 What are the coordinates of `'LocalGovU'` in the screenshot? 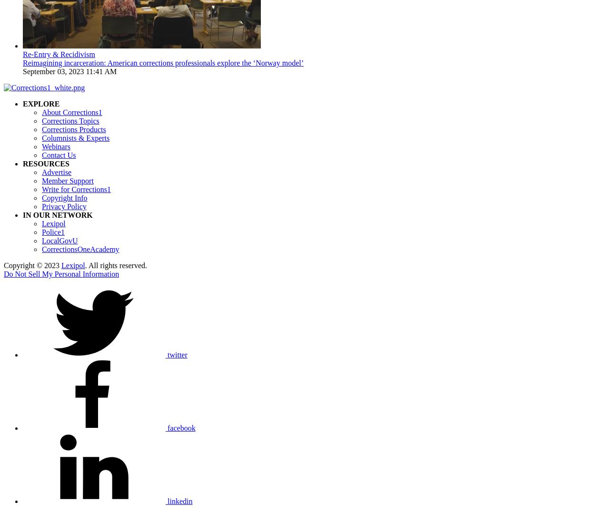 It's located at (41, 240).